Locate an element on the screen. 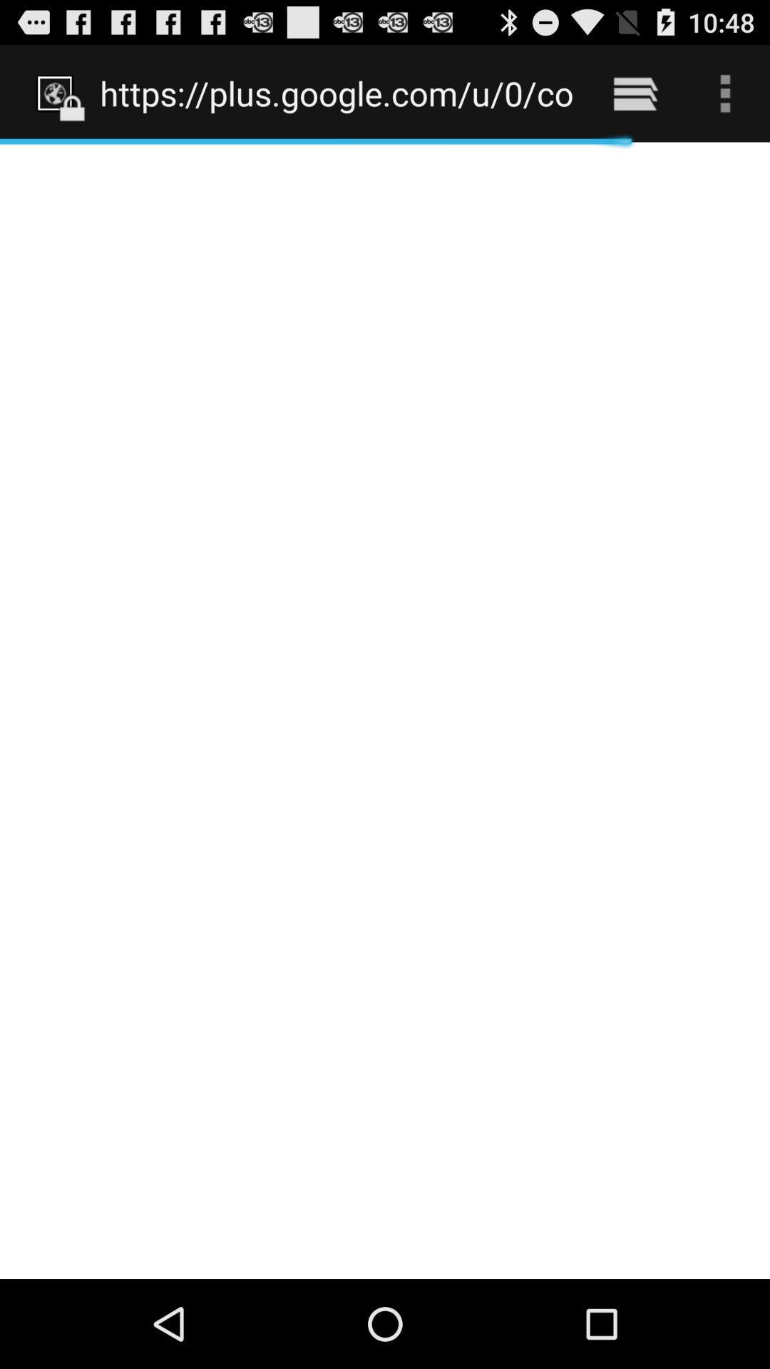 The image size is (770, 1369). the https plus google item is located at coordinates (337, 93).